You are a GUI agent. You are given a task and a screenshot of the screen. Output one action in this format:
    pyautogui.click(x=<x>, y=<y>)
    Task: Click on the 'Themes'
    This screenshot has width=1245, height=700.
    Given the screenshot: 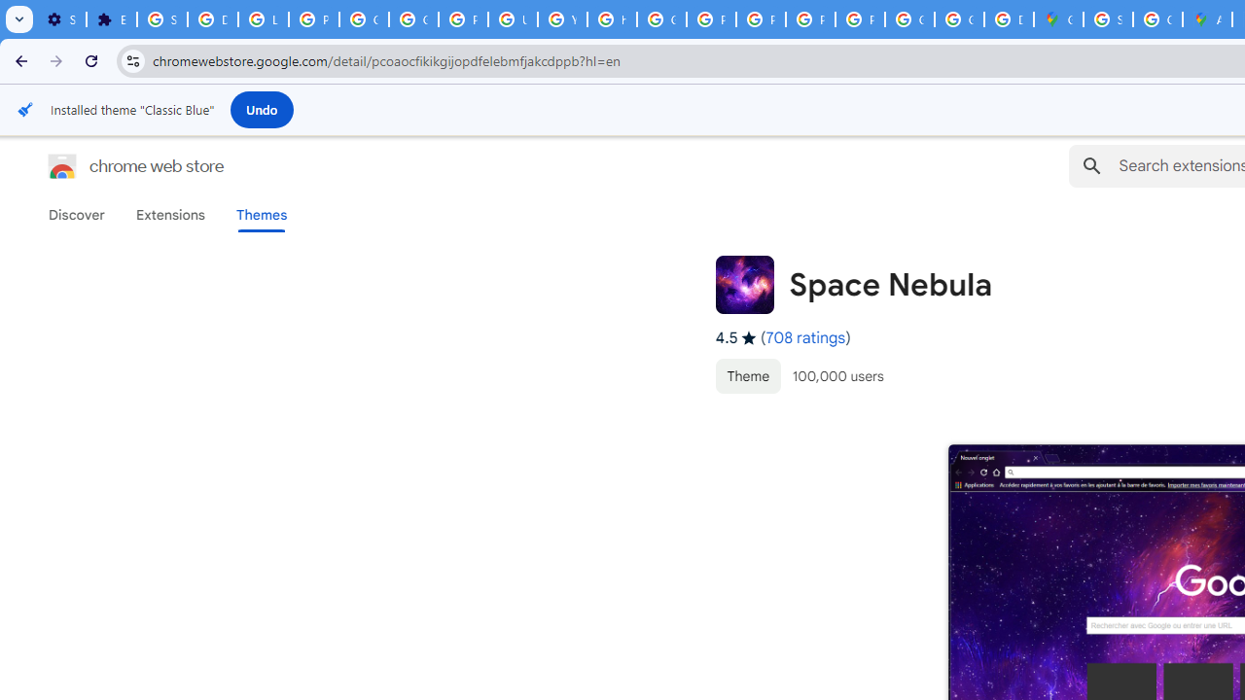 What is the action you would take?
    pyautogui.click(x=261, y=215)
    